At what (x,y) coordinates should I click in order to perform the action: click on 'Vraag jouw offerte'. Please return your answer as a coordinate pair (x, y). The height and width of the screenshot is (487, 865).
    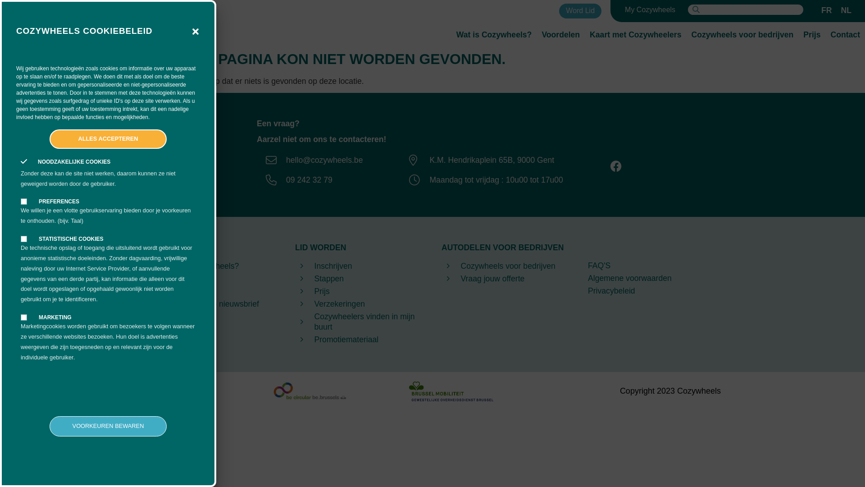
    Looking at the image, I should click on (505, 278).